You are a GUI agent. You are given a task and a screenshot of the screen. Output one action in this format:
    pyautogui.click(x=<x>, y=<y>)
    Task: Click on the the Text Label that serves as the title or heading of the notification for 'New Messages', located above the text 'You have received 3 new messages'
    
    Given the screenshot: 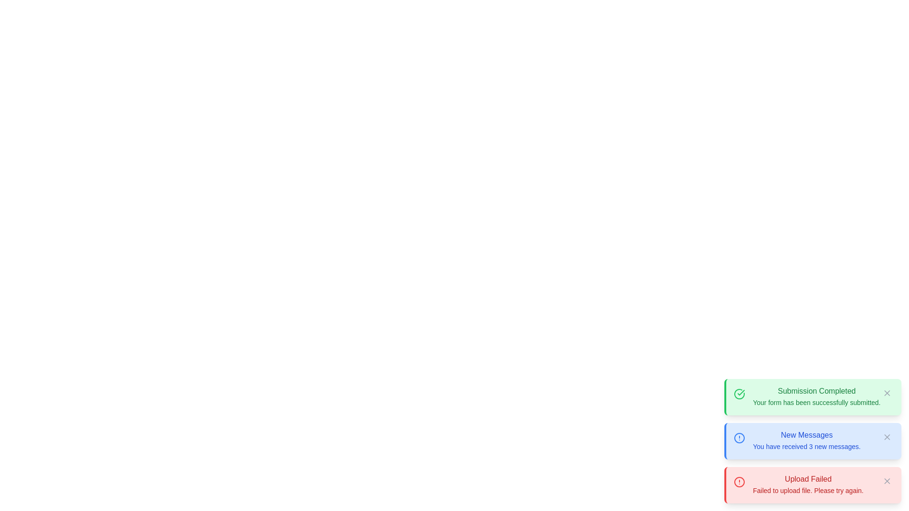 What is the action you would take?
    pyautogui.click(x=806, y=435)
    